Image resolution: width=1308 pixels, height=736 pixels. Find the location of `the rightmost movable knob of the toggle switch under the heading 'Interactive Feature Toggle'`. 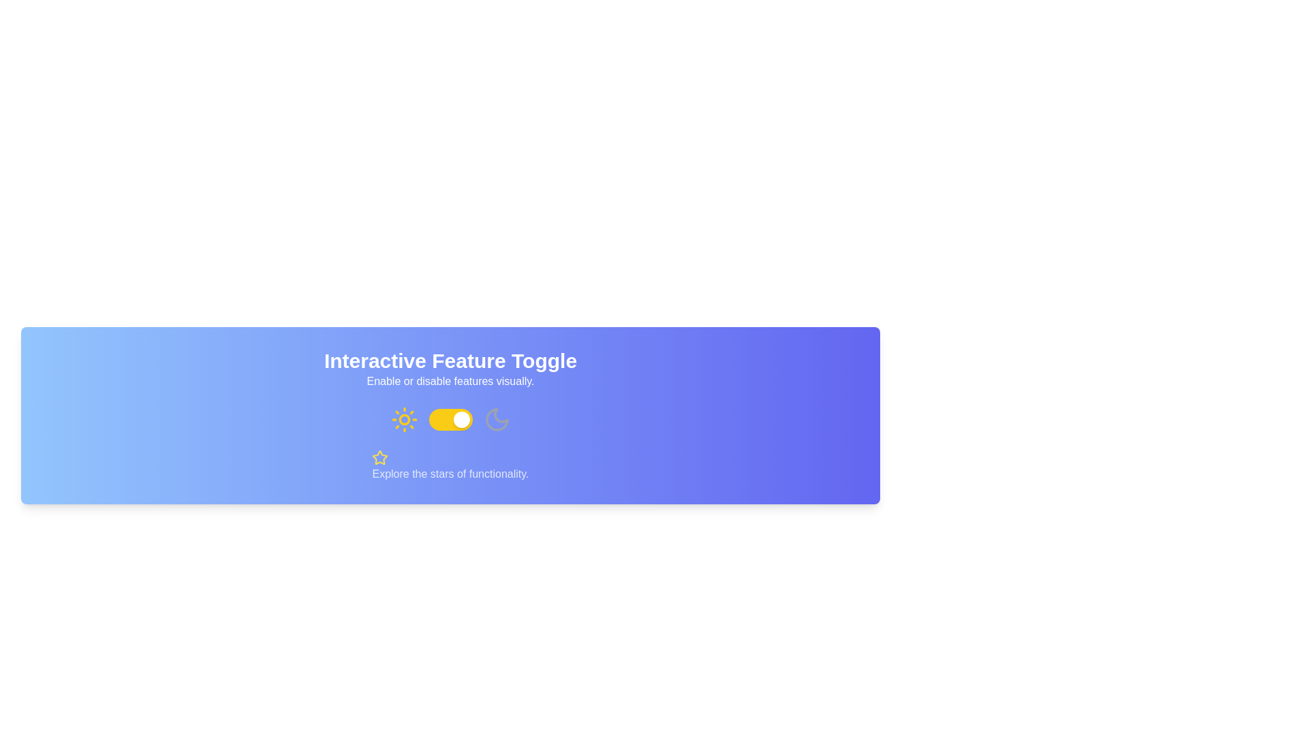

the rightmost movable knob of the toggle switch under the heading 'Interactive Feature Toggle' is located at coordinates (461, 419).